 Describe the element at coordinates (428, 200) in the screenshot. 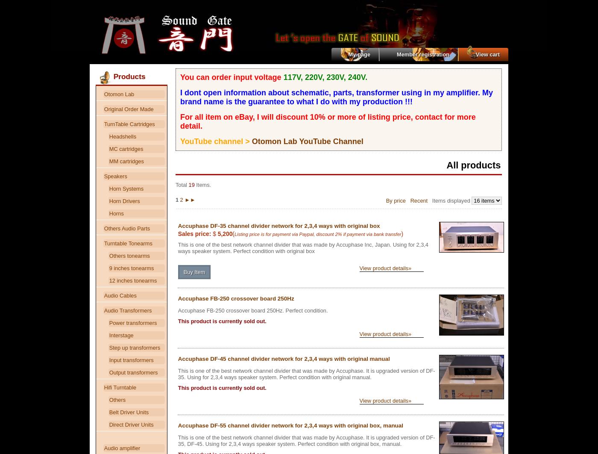

I see `'Items displayed'` at that location.